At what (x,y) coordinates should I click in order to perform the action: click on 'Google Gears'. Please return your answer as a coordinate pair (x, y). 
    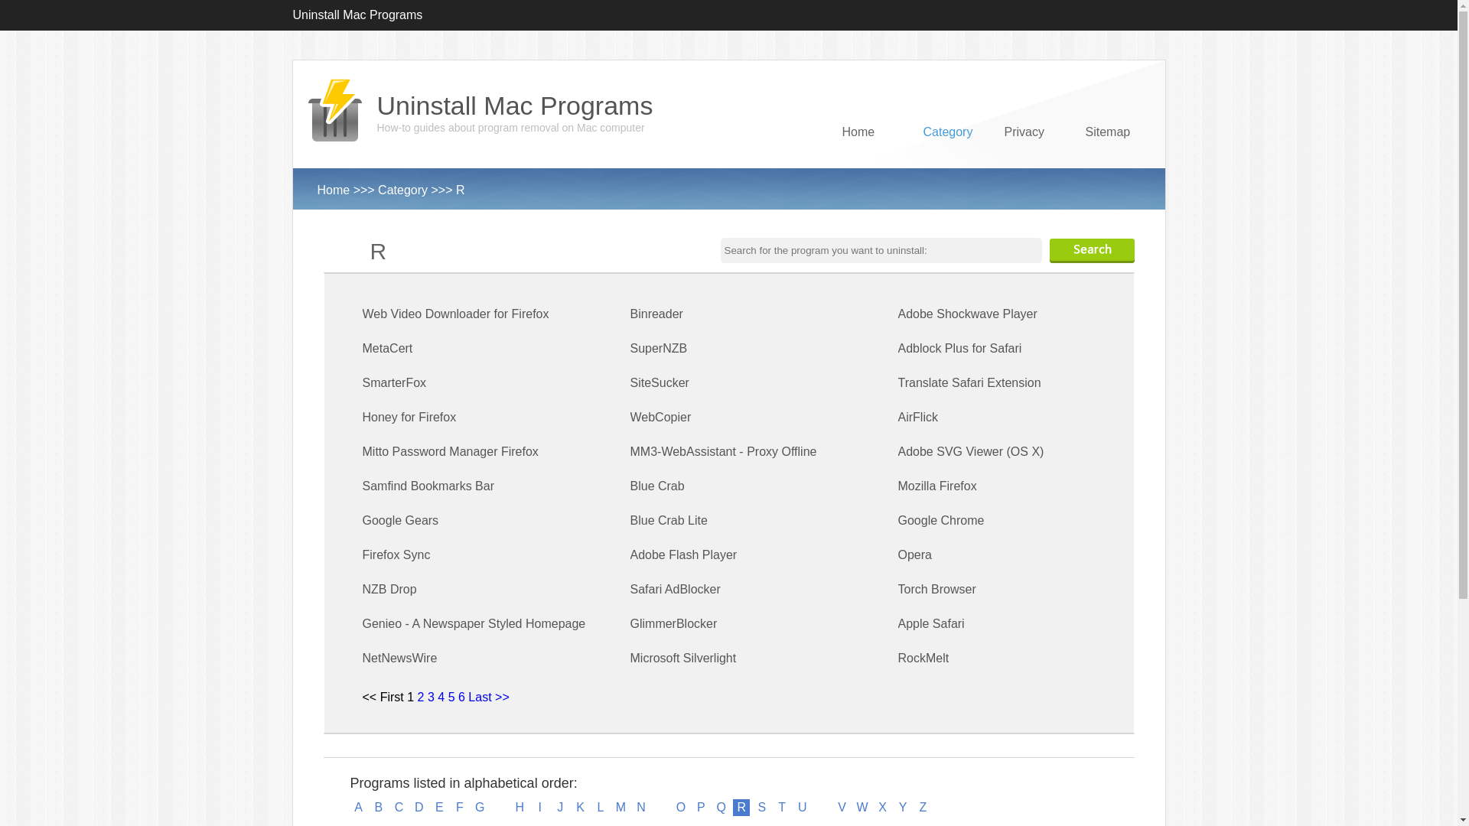
    Looking at the image, I should click on (362, 519).